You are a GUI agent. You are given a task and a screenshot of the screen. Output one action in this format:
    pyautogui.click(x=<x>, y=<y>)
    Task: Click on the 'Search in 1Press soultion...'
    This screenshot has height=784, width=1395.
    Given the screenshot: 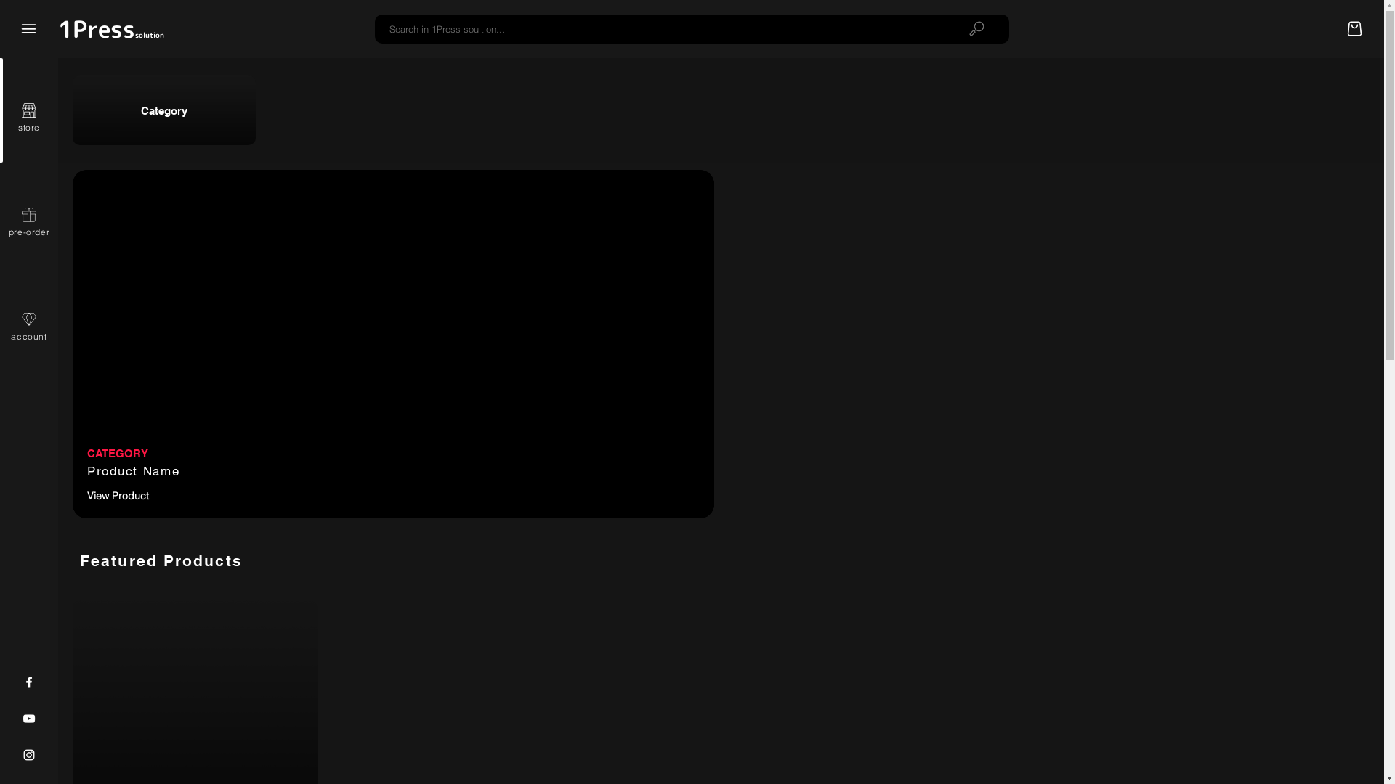 What is the action you would take?
    pyautogui.click(x=659, y=28)
    